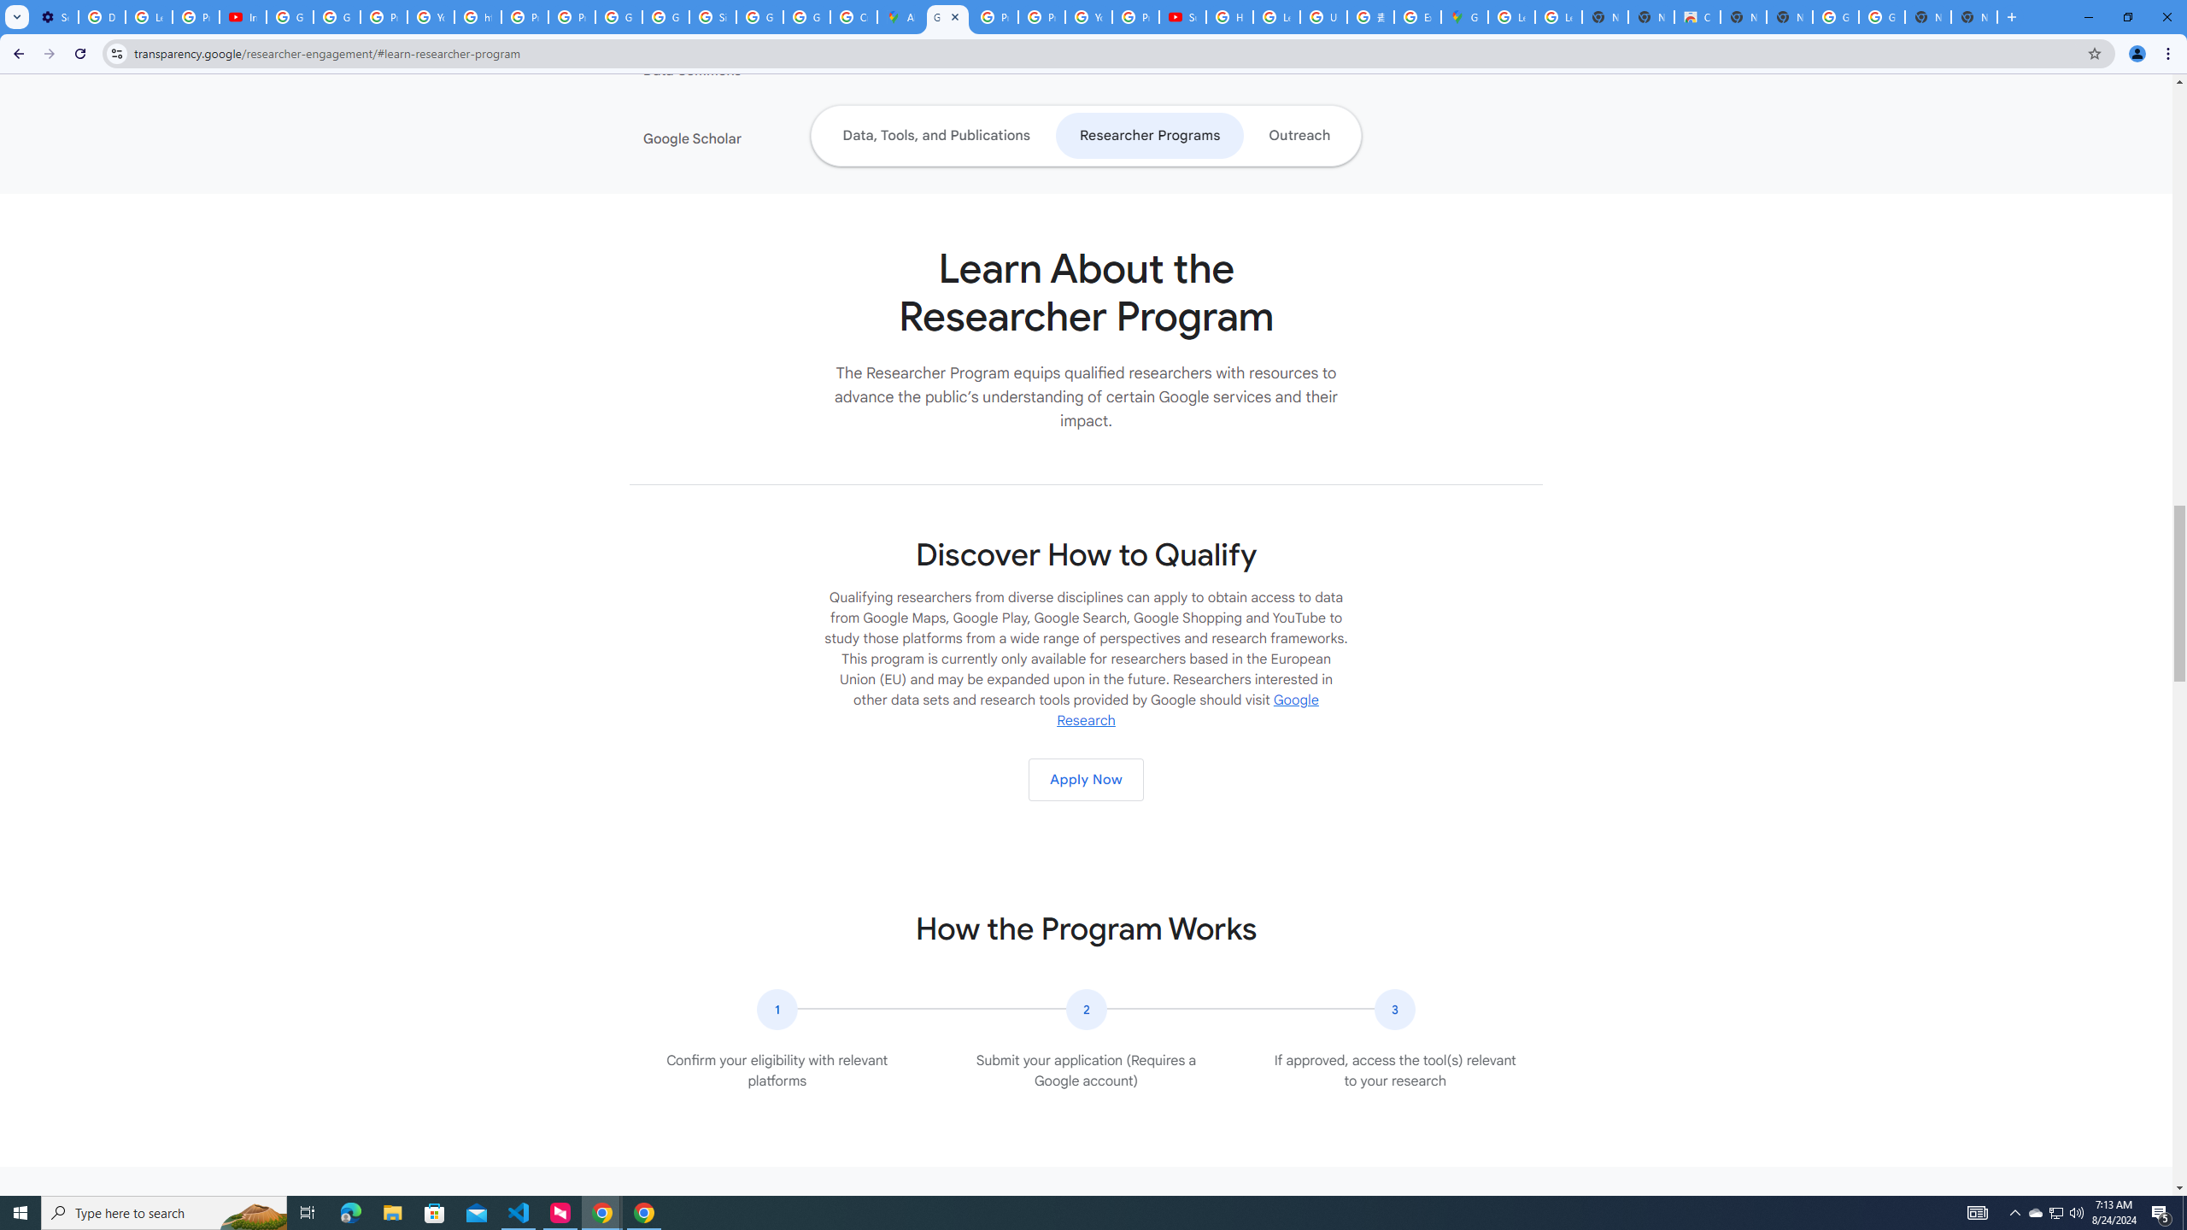  Describe the element at coordinates (1149, 135) in the screenshot. I see `'Researcher Programs'` at that location.